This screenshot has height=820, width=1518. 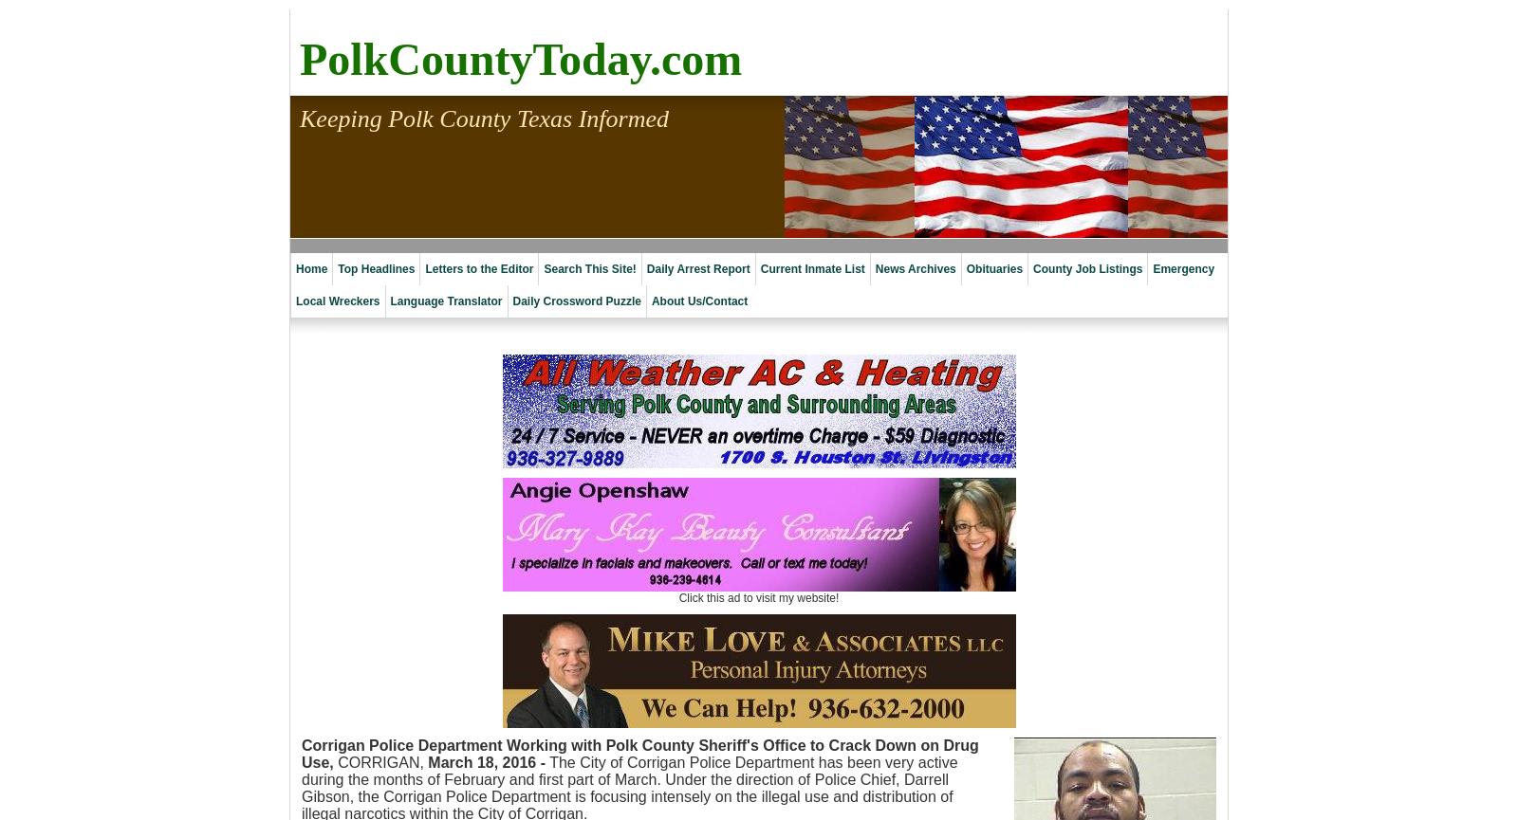 I want to click on 'Language Translator', so click(x=445, y=301).